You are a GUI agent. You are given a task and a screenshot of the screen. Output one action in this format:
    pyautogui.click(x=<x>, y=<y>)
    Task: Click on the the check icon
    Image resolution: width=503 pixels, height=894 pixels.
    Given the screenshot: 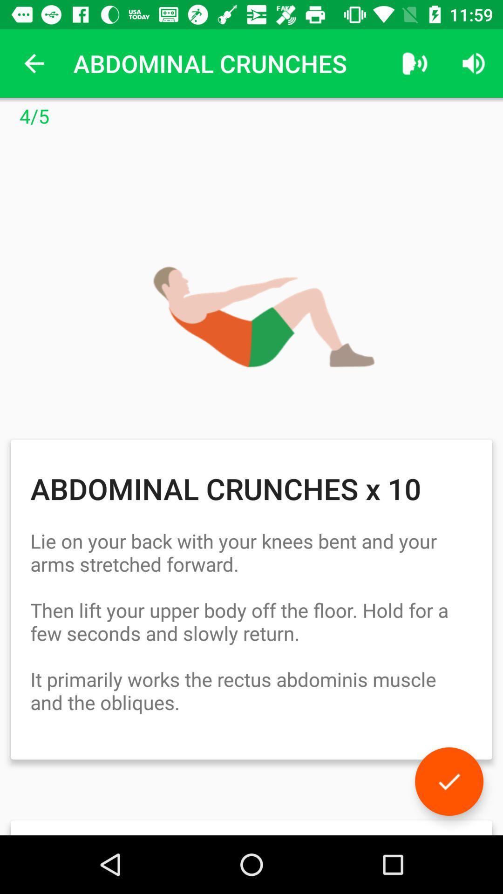 What is the action you would take?
    pyautogui.click(x=449, y=781)
    